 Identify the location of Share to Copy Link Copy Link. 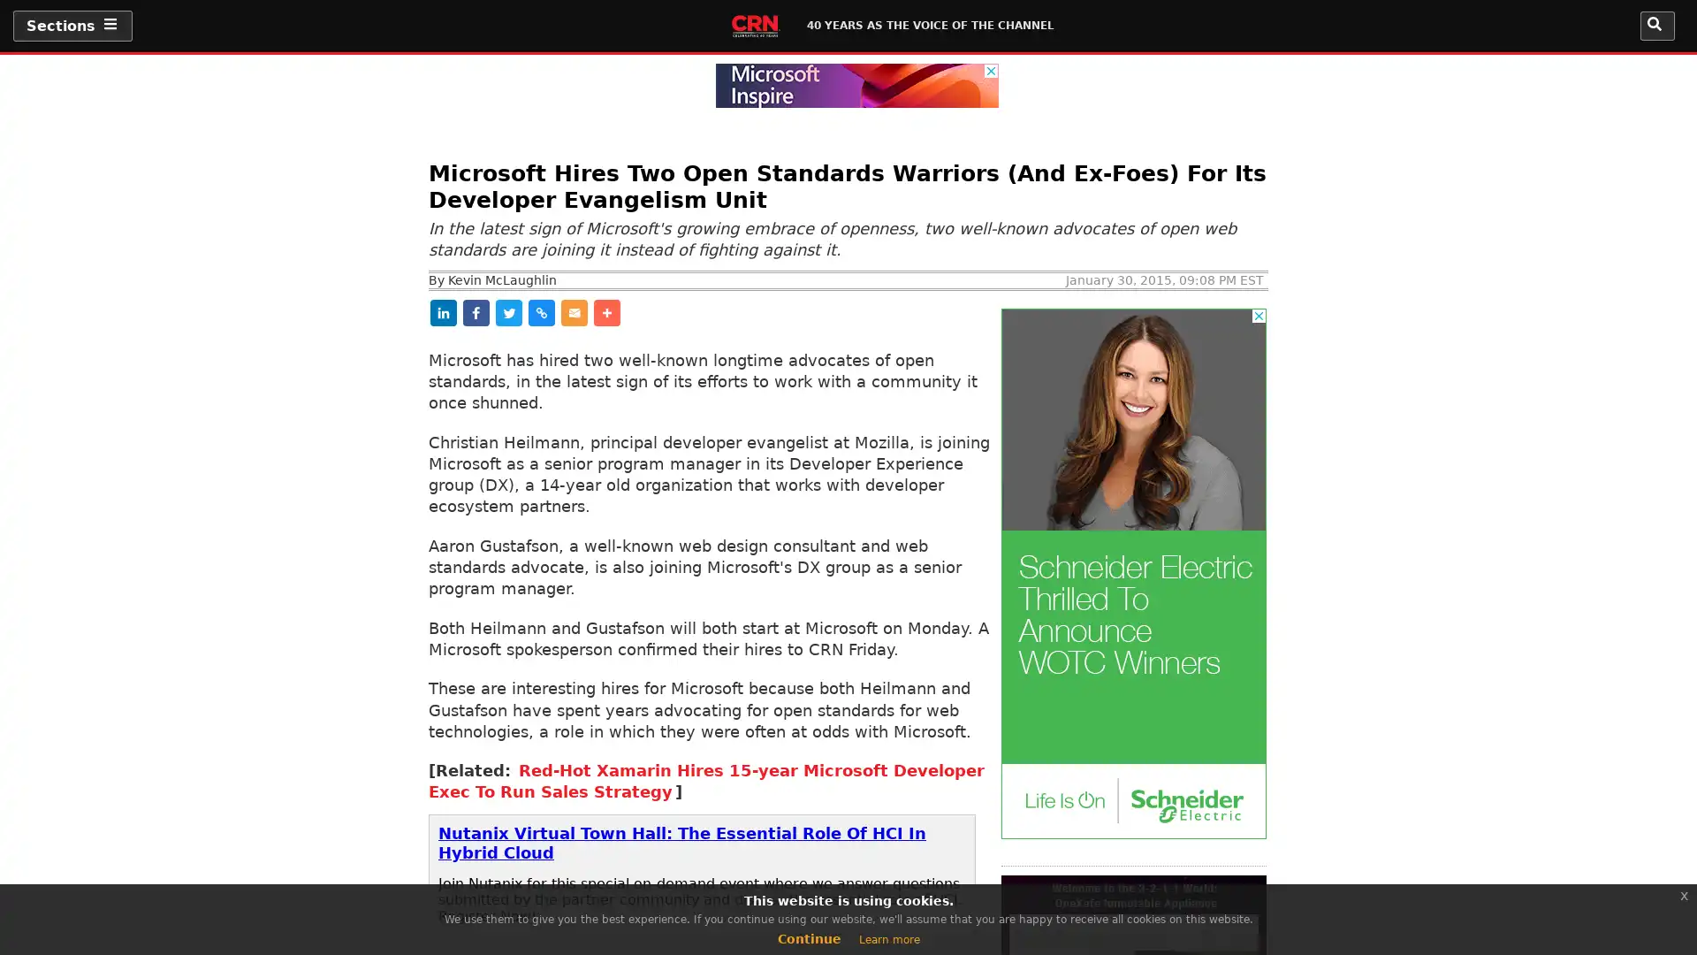
(739, 311).